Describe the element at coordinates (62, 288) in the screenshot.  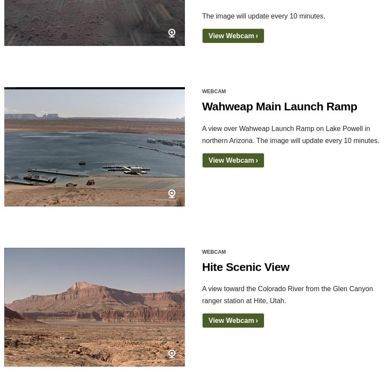
I see `'Youtube'` at that location.